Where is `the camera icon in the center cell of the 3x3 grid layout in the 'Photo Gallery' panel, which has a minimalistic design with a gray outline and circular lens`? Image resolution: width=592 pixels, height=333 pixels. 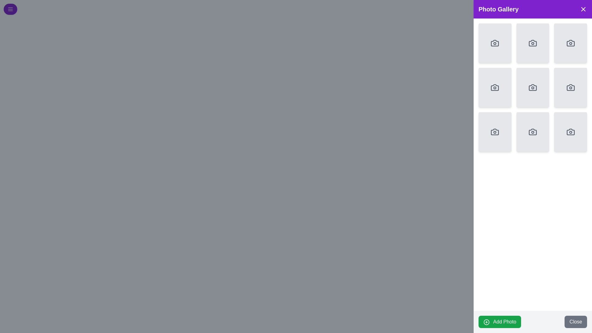
the camera icon in the center cell of the 3x3 grid layout in the 'Photo Gallery' panel, which has a minimalistic design with a gray outline and circular lens is located at coordinates (532, 88).